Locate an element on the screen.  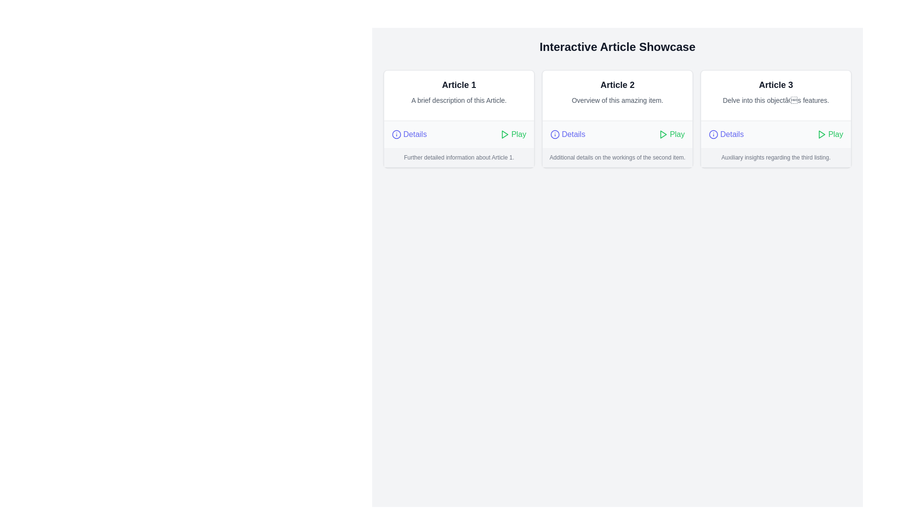
the SVG circle that visually indicates the context or purpose of the 'Details' link in the 'Article 3' card, which is part of an interactive icon is located at coordinates (714, 135).